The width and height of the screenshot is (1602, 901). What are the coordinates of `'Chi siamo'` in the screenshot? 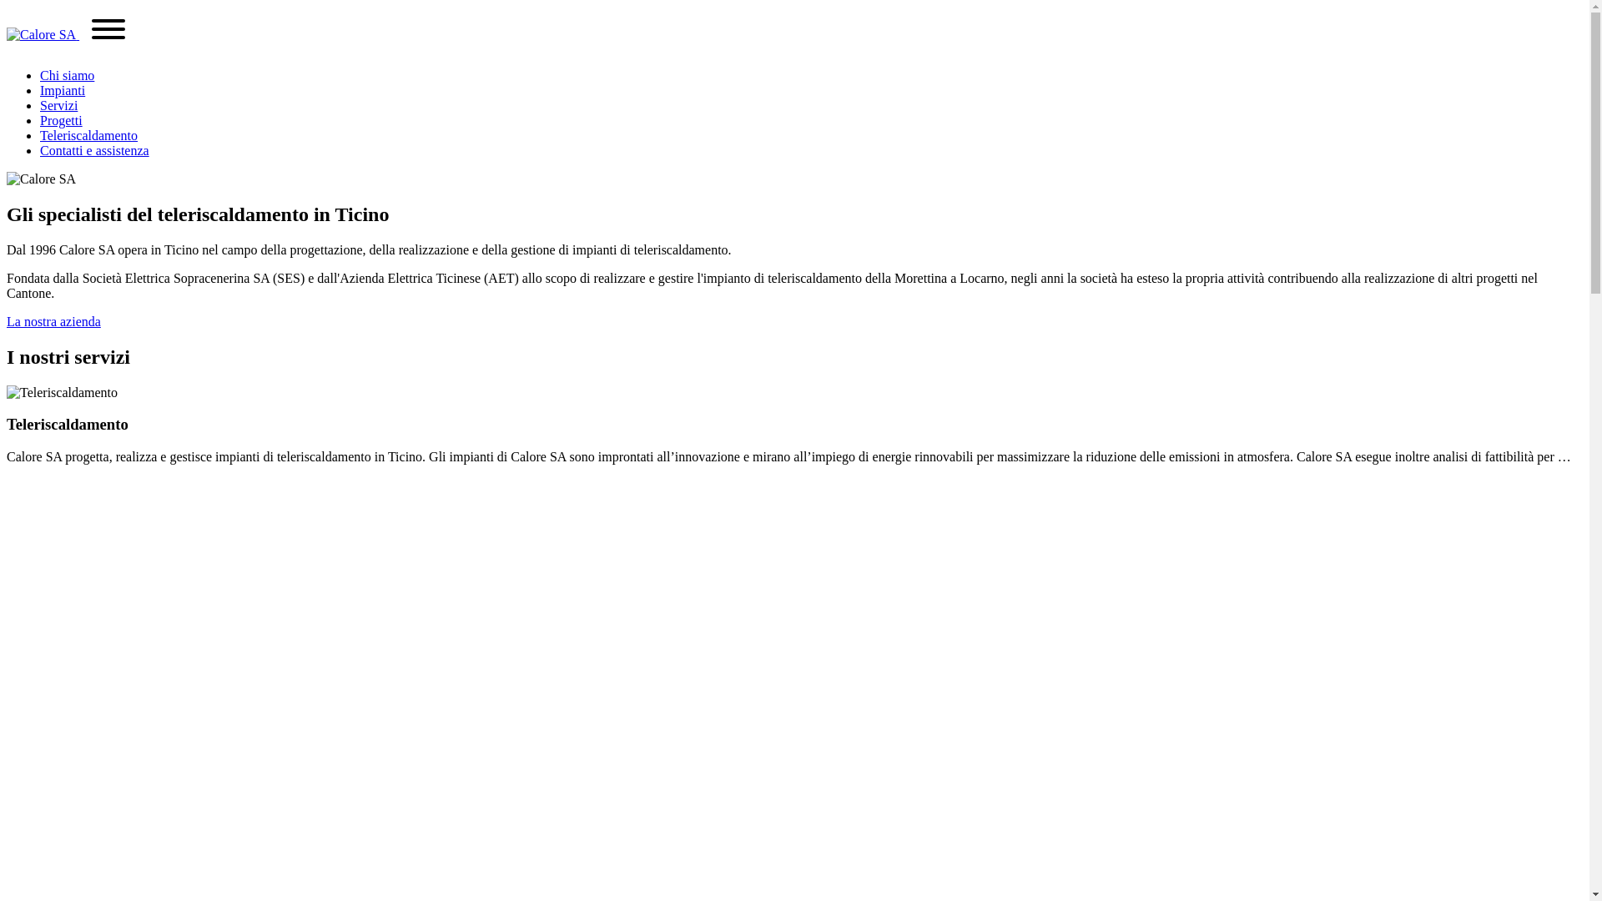 It's located at (67, 75).